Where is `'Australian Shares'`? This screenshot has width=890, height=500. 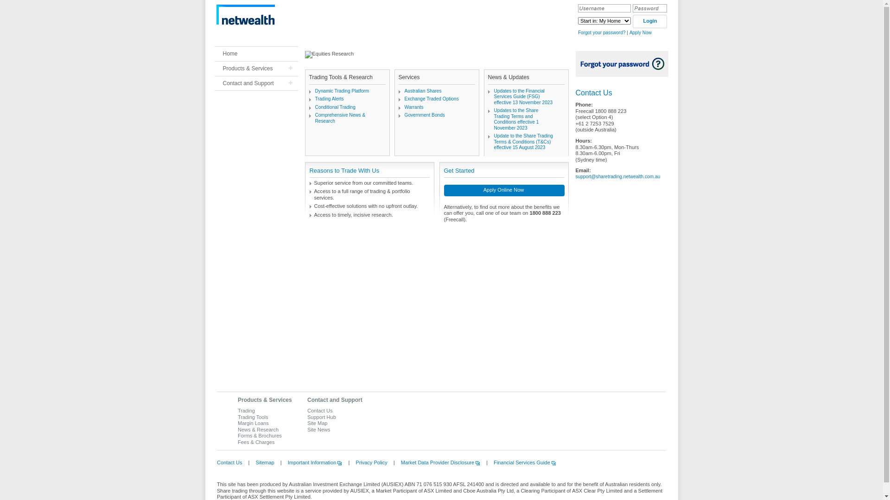 'Australian Shares' is located at coordinates (422, 91).